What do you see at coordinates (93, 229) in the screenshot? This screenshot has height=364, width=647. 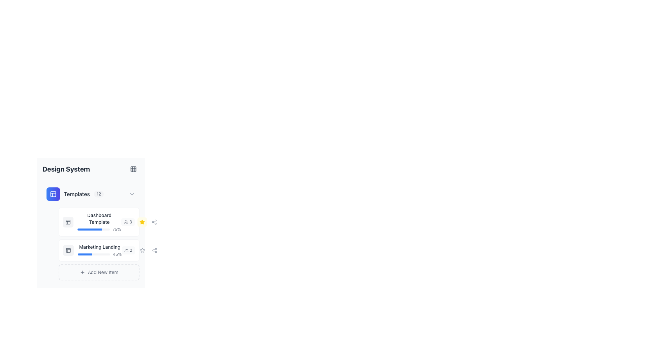 I see `the progress bar located within the 'Dashboard Template' card, positioned directly below the title text and above the '75%' label` at bounding box center [93, 229].